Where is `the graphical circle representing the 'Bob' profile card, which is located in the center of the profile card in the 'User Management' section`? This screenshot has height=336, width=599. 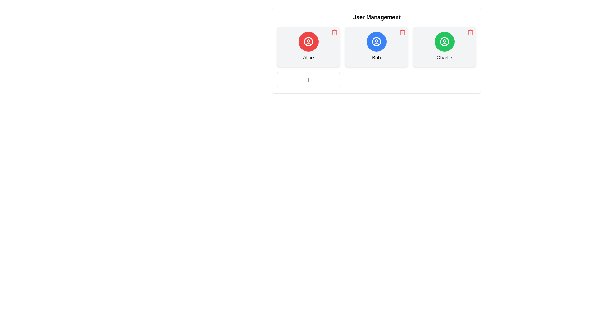 the graphical circle representing the 'Bob' profile card, which is located in the center of the profile card in the 'User Management' section is located at coordinates (376, 42).